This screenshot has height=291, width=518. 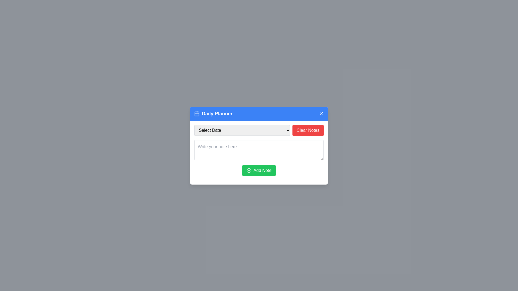 What do you see at coordinates (196, 113) in the screenshot?
I see `the calendar icon, which is the leftmost element in the header bar of the dialog box, next to the 'Daily Planner' text` at bounding box center [196, 113].